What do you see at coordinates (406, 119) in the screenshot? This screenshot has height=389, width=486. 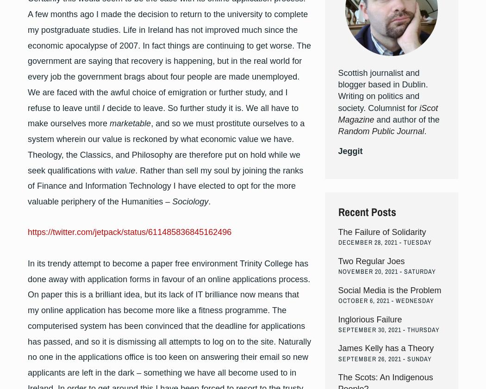 I see `'and author of the'` at bounding box center [406, 119].